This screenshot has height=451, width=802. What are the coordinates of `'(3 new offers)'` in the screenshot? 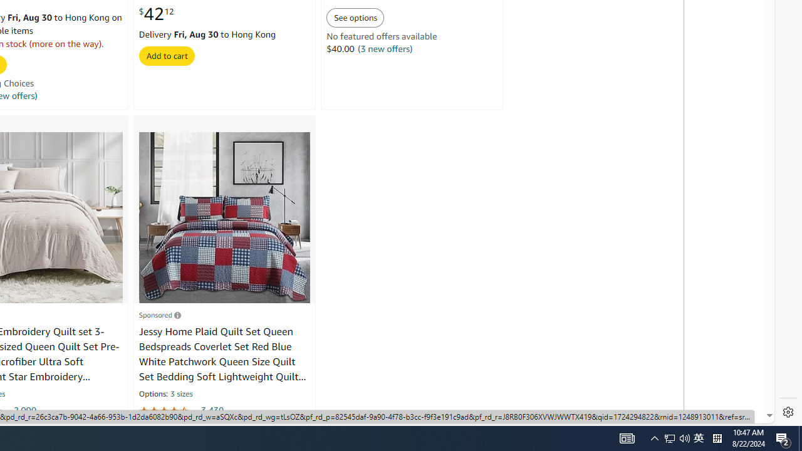 It's located at (385, 48).